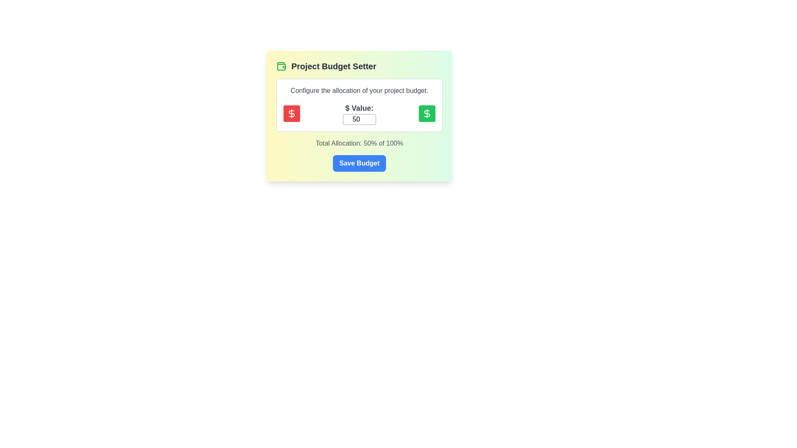 This screenshot has height=448, width=797. Describe the element at coordinates (359, 91) in the screenshot. I see `the informational label displaying the message 'Configure the allocation of your project budget.' which is styled with a gray font and located above the '$ Value:' line` at that location.